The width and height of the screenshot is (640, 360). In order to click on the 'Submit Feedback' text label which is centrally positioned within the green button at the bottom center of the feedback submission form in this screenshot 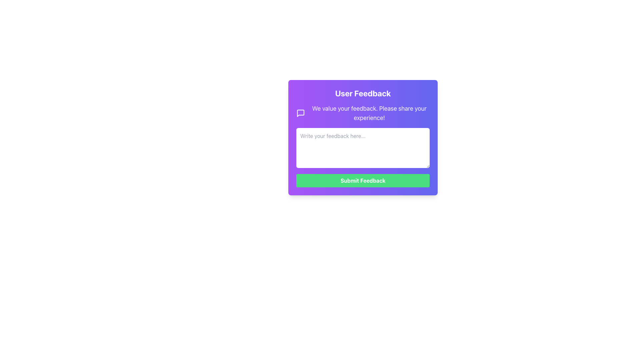, I will do `click(363, 181)`.